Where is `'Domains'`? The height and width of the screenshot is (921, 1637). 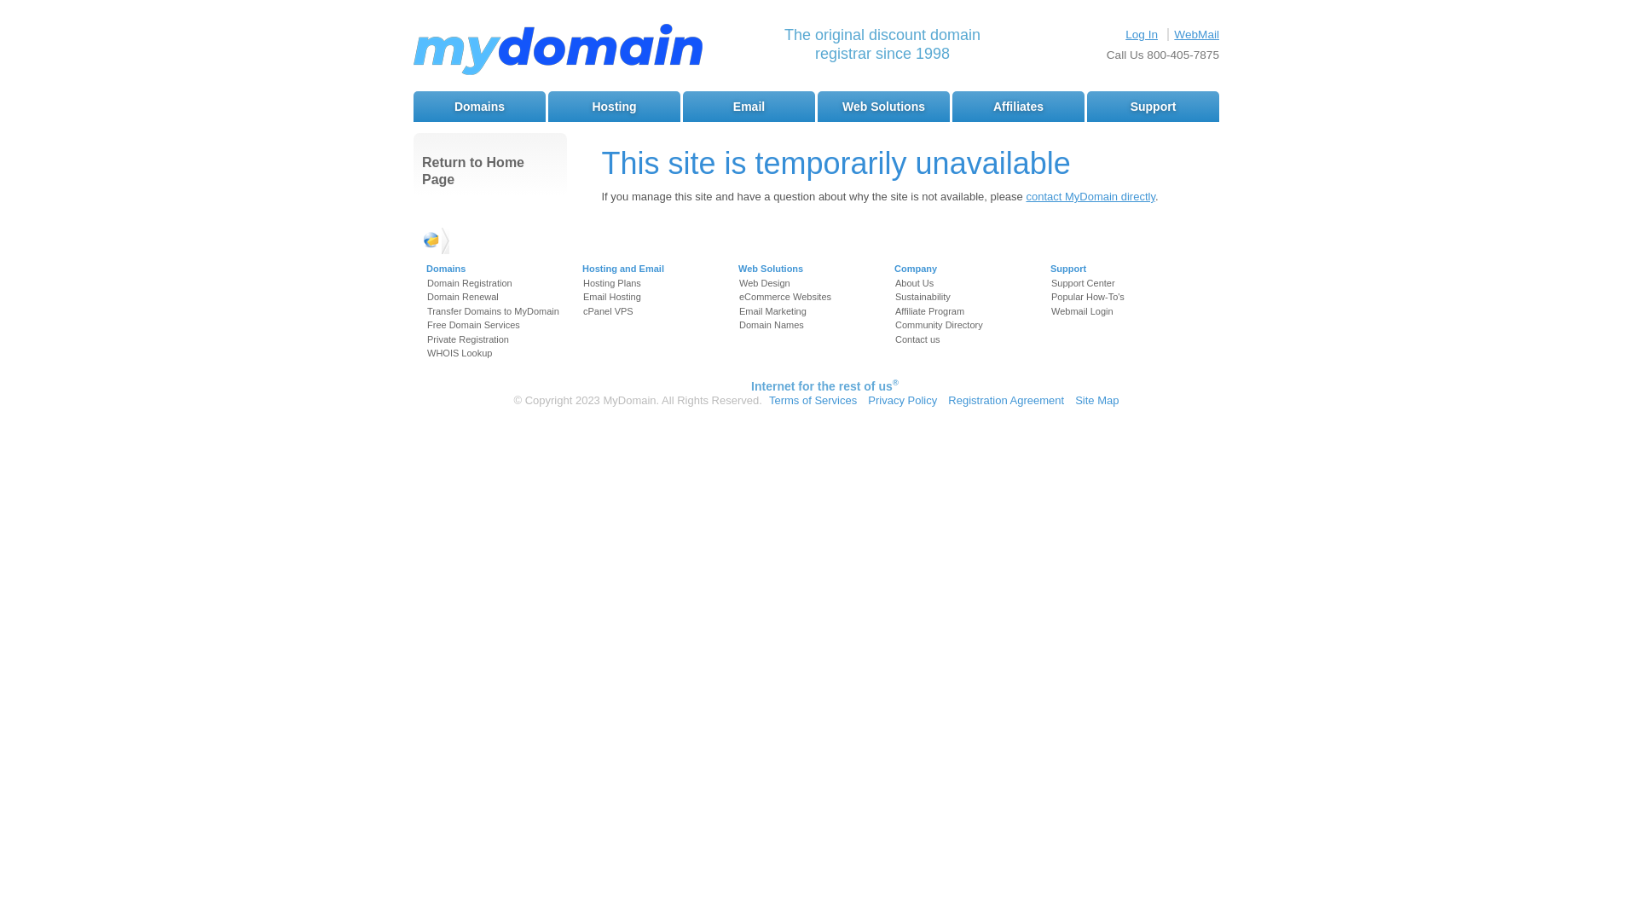 'Domains' is located at coordinates (446, 269).